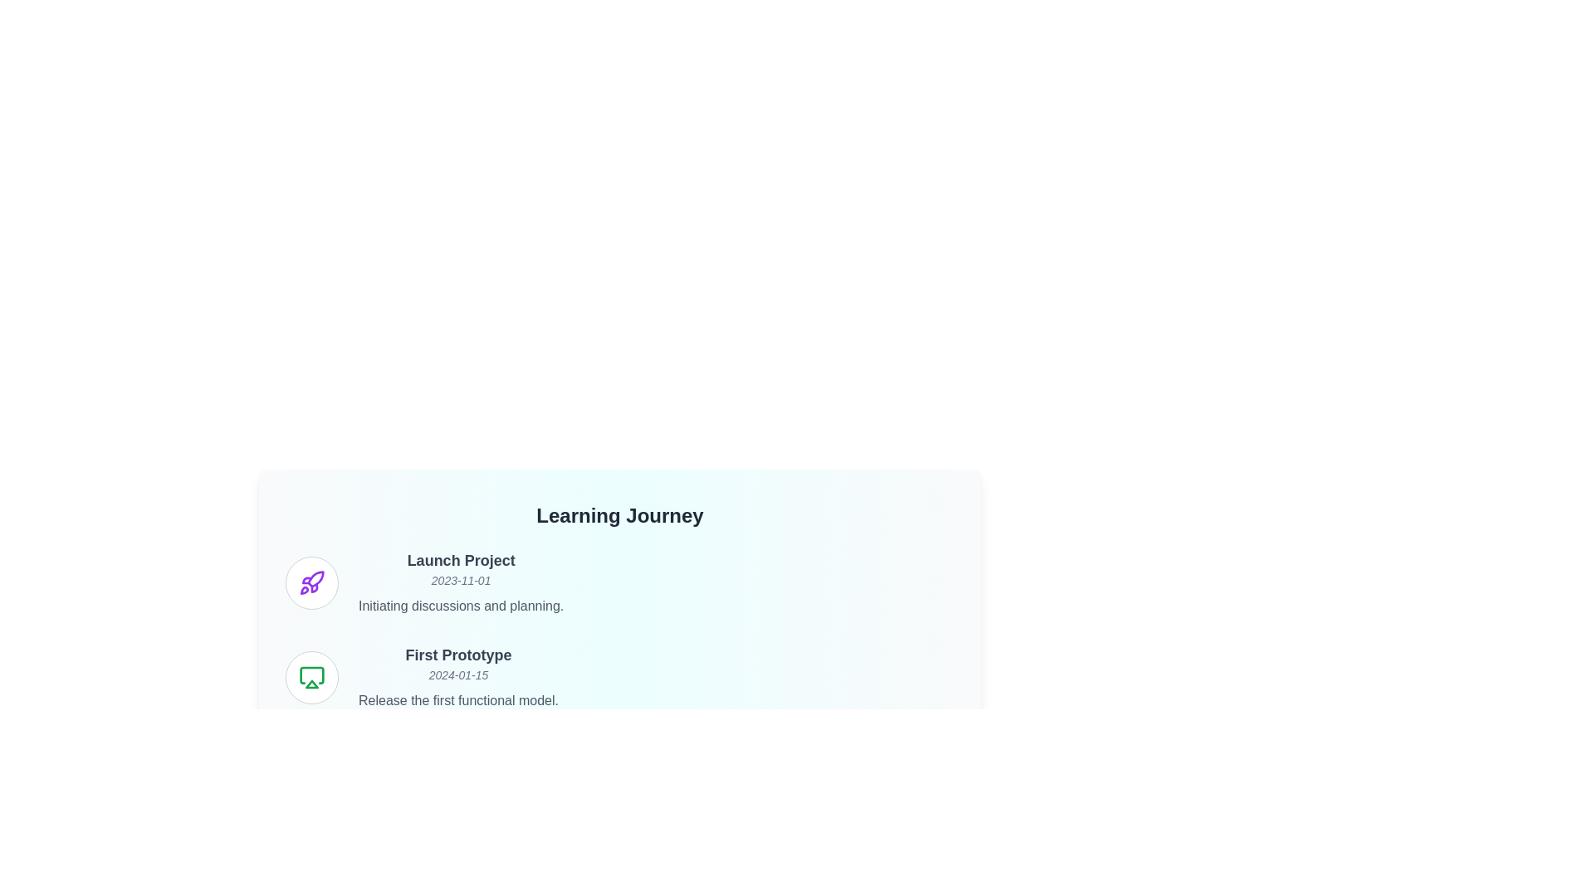  Describe the element at coordinates (311, 678) in the screenshot. I see `the 'First Prototype' milestone icon to obtain details` at that location.